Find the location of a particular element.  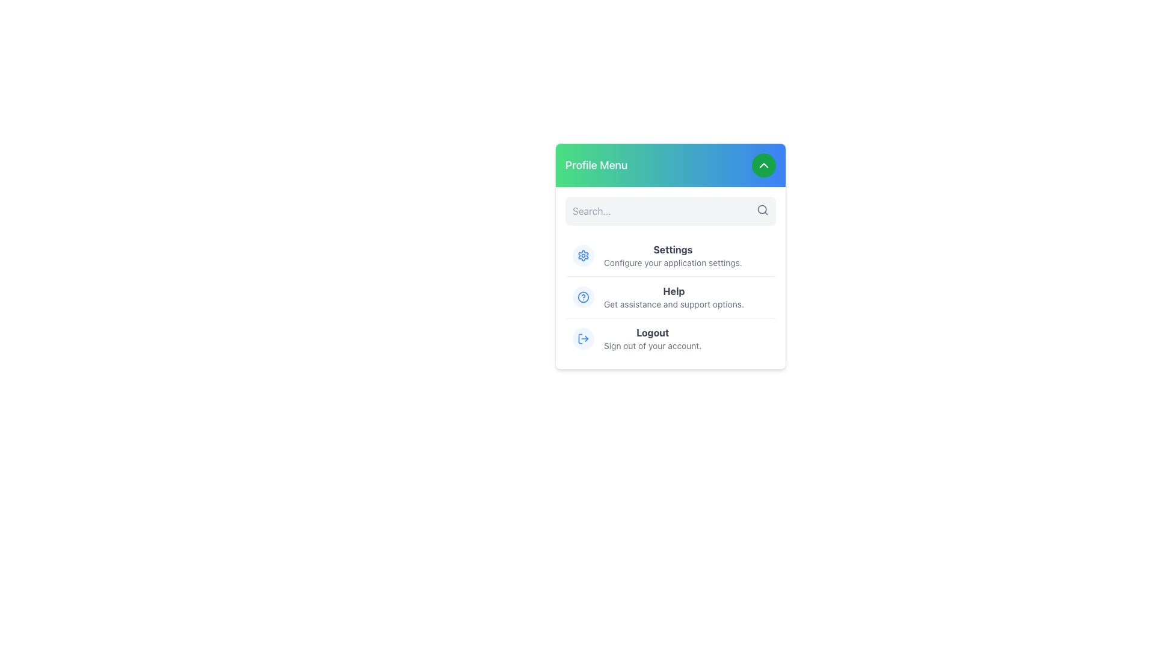

text of the Navigation Menu Item that provides access to the application's settings page, located in the middle section of the vertical menu, directly beneath the search bar is located at coordinates (672, 255).